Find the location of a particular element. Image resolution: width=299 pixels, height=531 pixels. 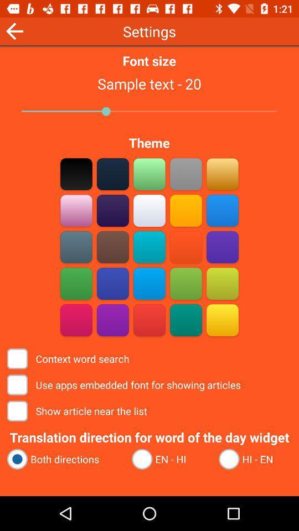

the color blue is located at coordinates (149, 247).